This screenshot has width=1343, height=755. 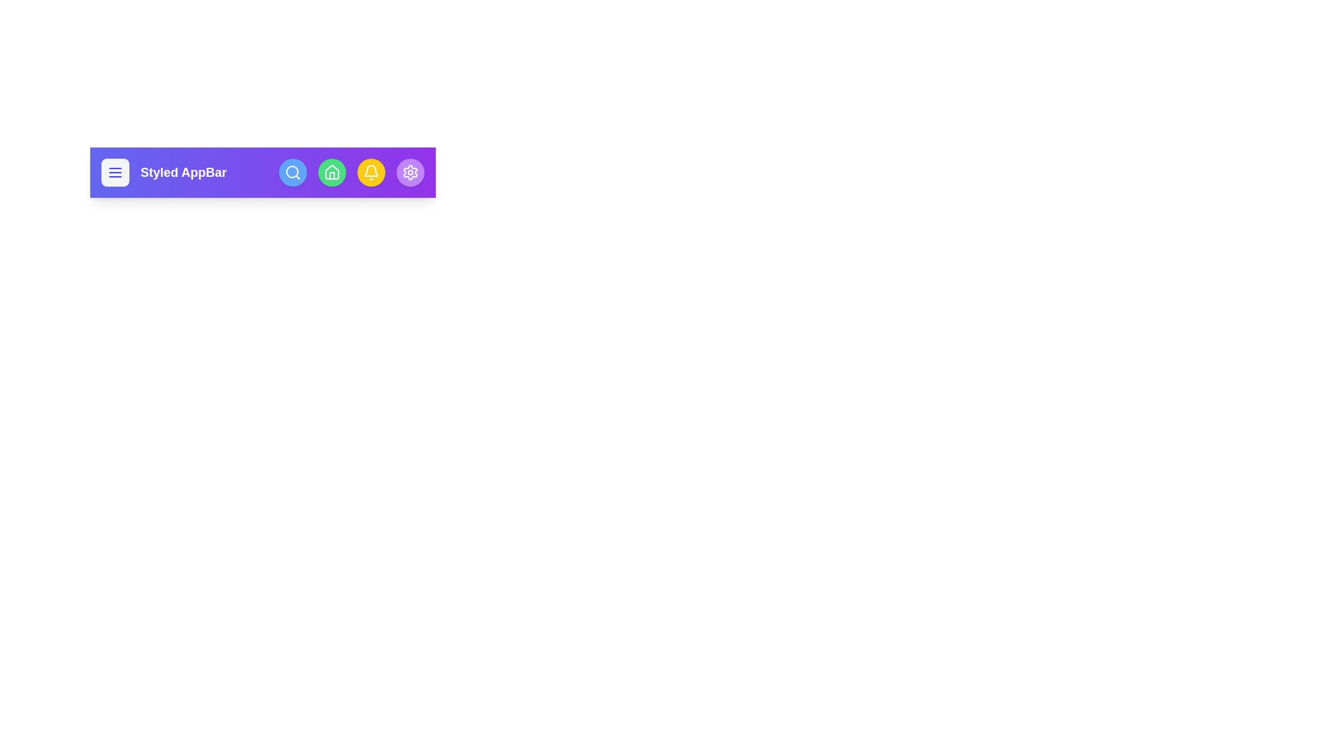 What do you see at coordinates (332, 171) in the screenshot?
I see `the home icon in the StyledAppBar` at bounding box center [332, 171].